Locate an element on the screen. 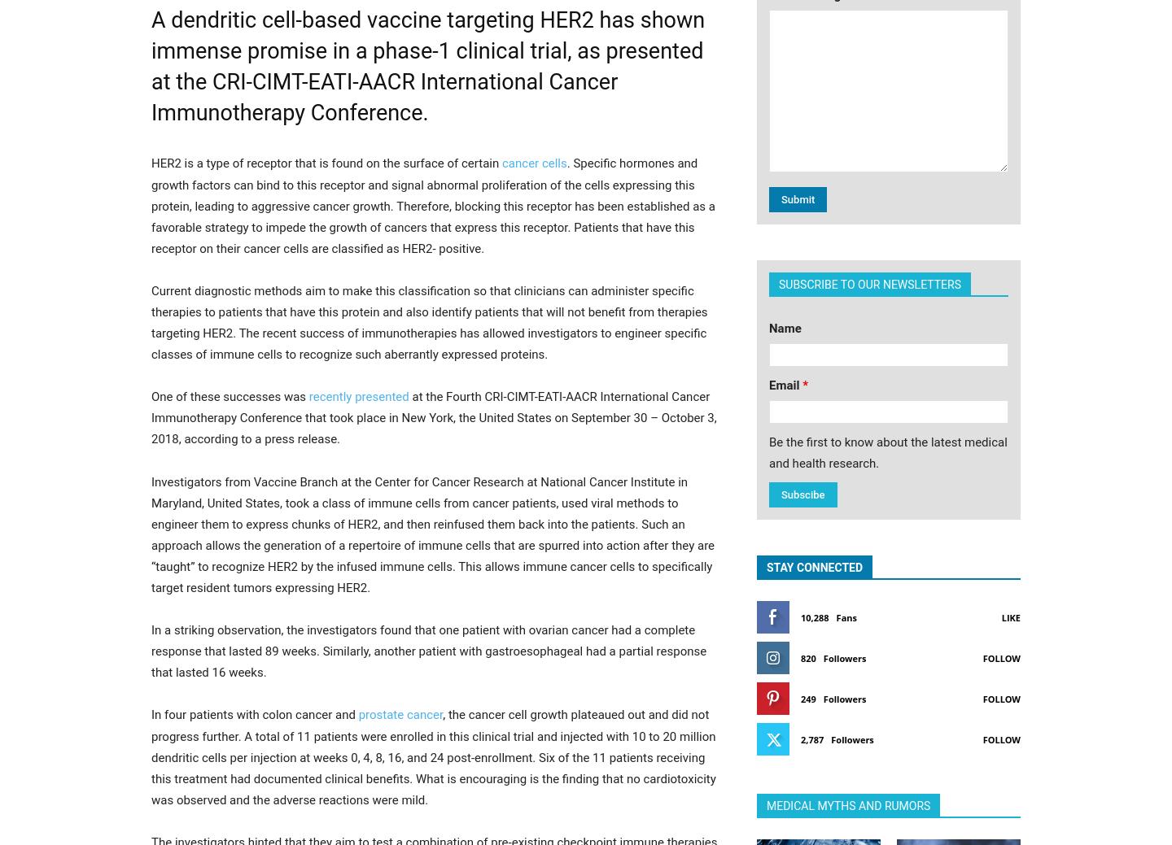  'prostate cancer' is located at coordinates (400, 714).